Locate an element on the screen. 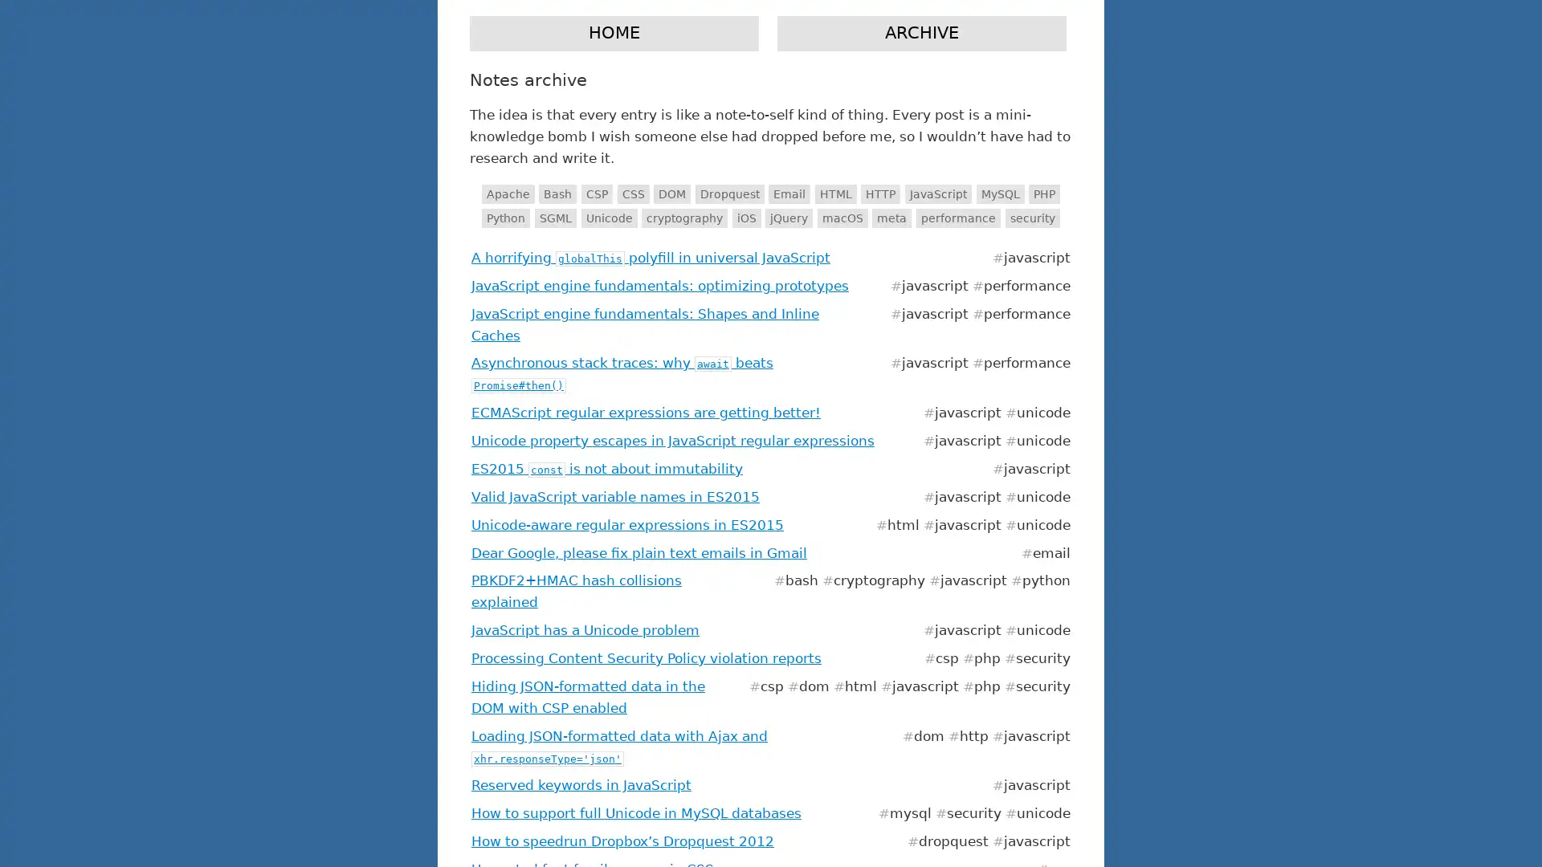  cryptography is located at coordinates (684, 218).